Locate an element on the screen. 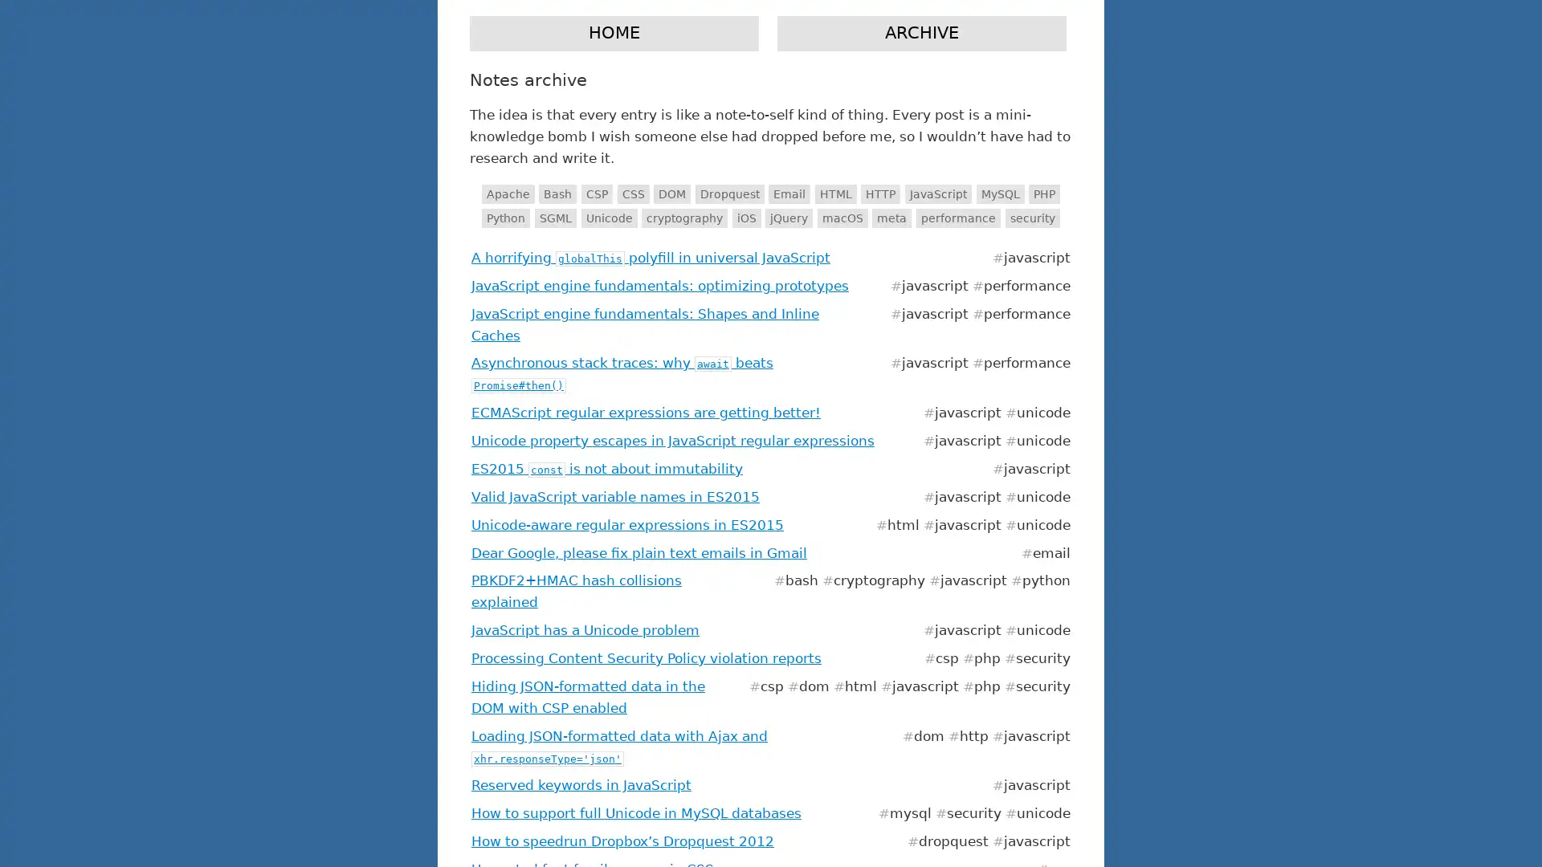  cryptography is located at coordinates (684, 218).